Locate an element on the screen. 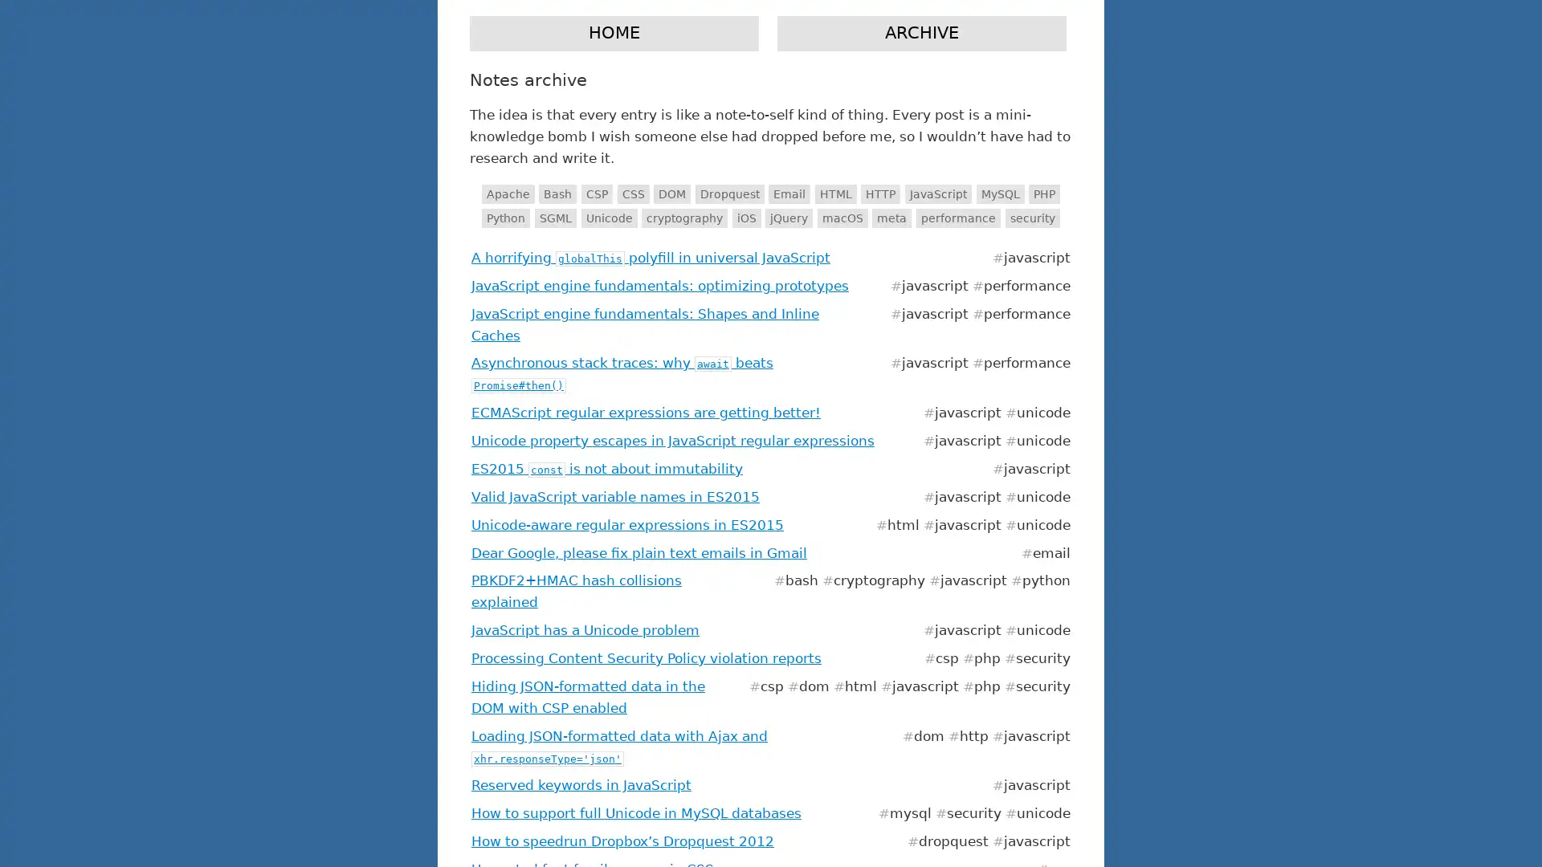  cryptography is located at coordinates (684, 218).